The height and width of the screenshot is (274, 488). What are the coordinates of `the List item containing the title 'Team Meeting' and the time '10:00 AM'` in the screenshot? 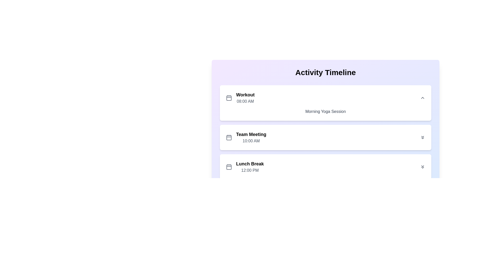 It's located at (326, 138).